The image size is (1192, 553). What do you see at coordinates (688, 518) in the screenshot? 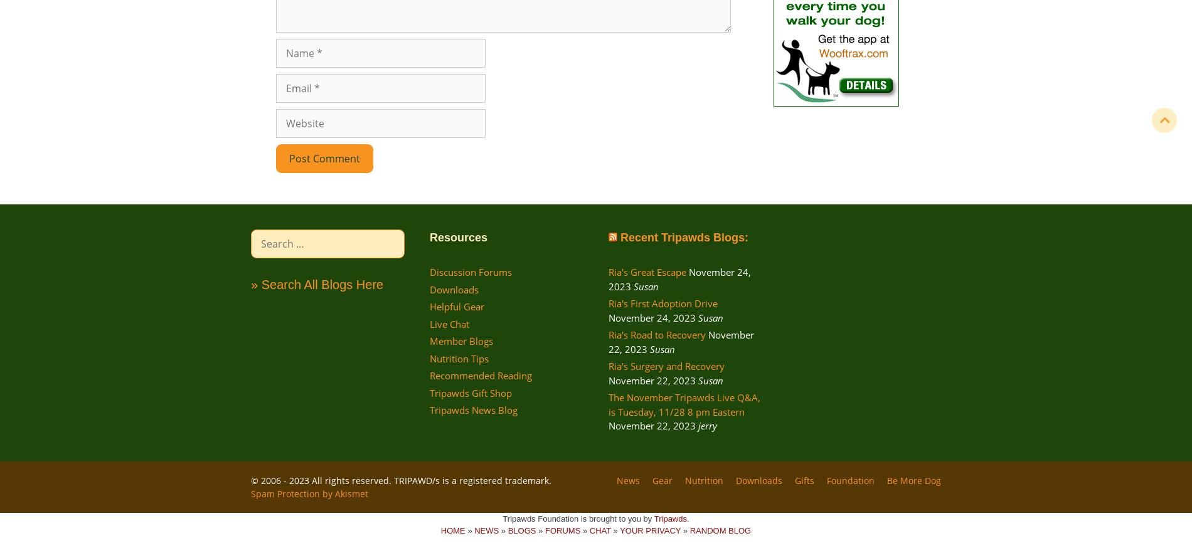
I see `'.'` at bounding box center [688, 518].